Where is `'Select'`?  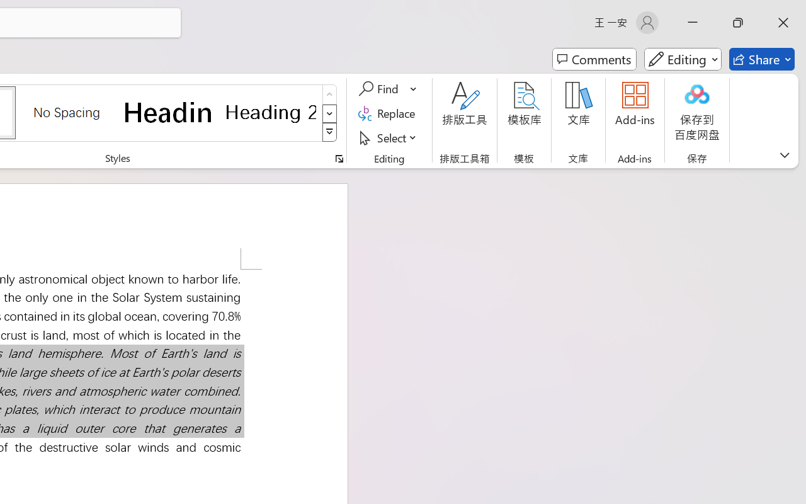
'Select' is located at coordinates (389, 137).